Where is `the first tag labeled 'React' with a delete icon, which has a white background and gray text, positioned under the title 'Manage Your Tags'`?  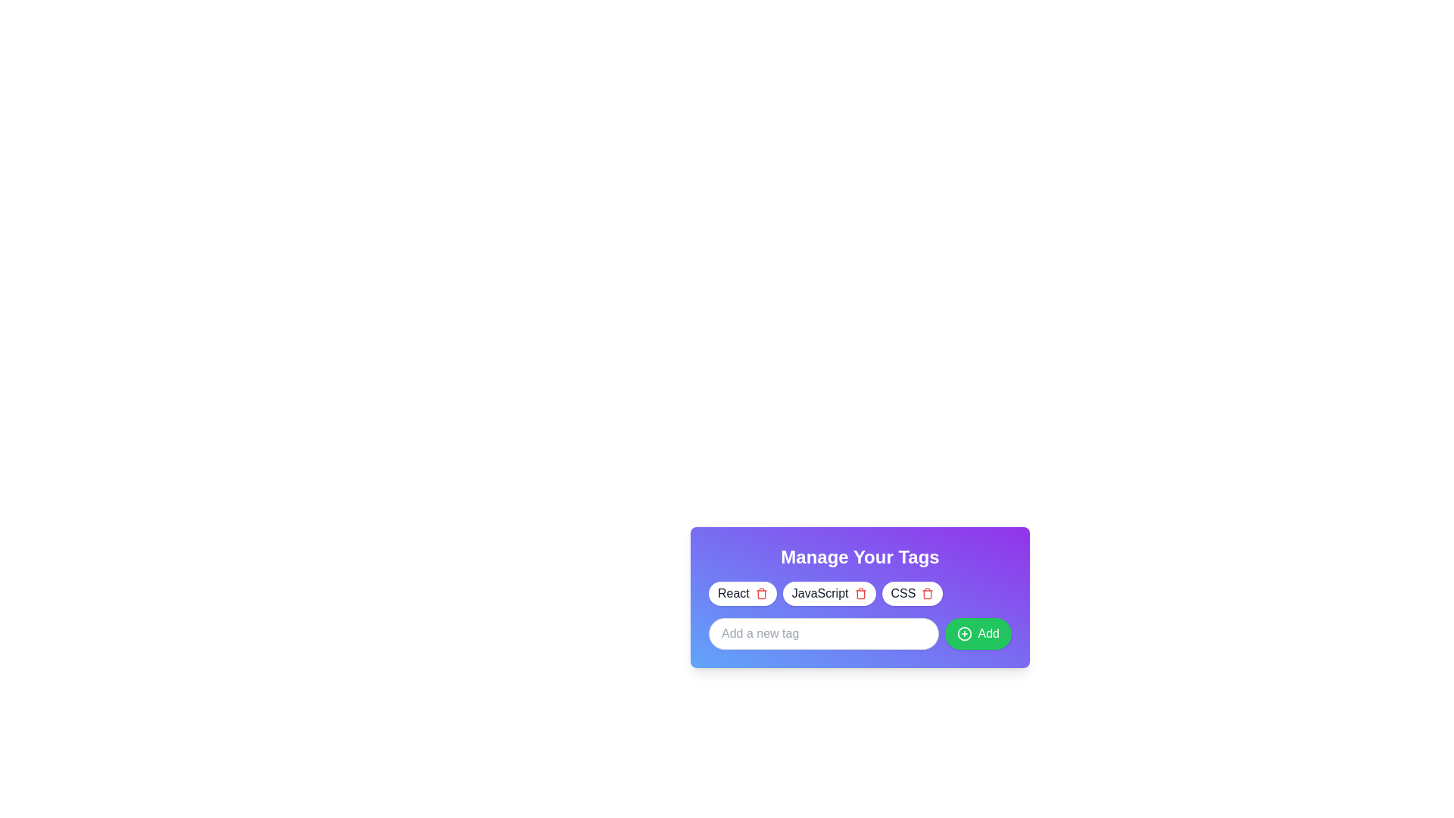 the first tag labeled 'React' with a delete icon, which has a white background and gray text, positioned under the title 'Manage Your Tags' is located at coordinates (742, 592).